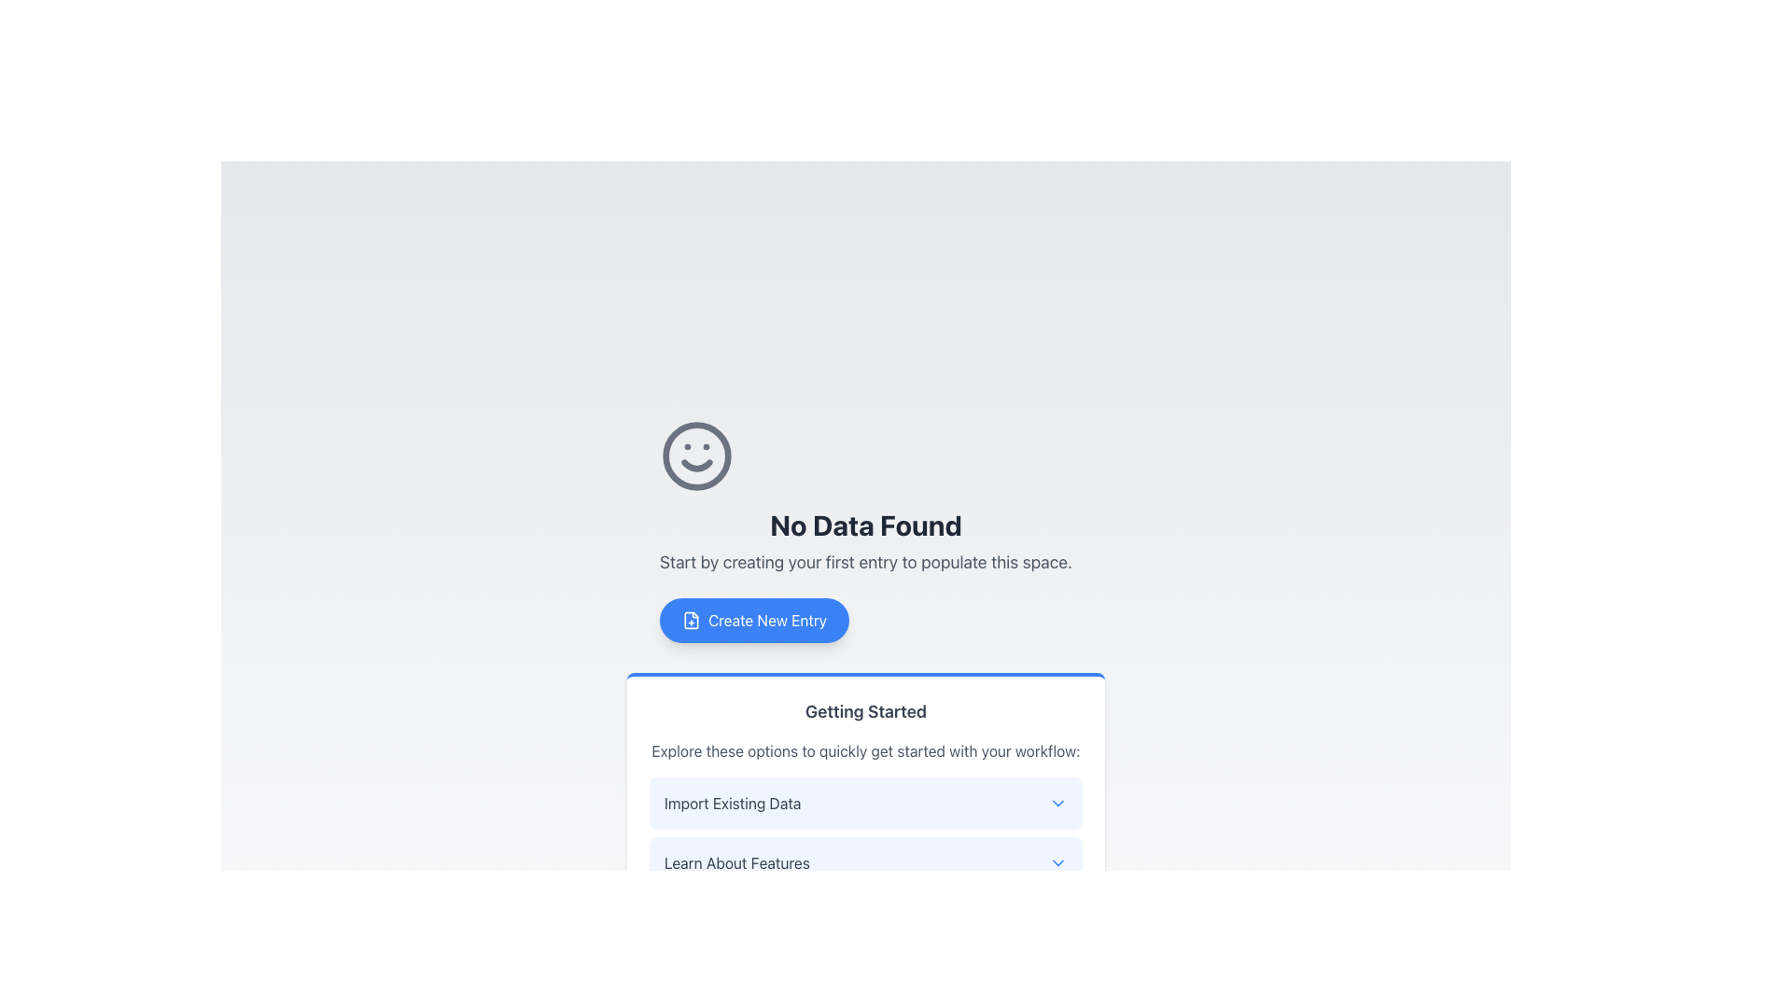  What do you see at coordinates (754, 620) in the screenshot?
I see `the prominent button labeled 'Create New Entry' with a document plus icon to initiate a new entry` at bounding box center [754, 620].